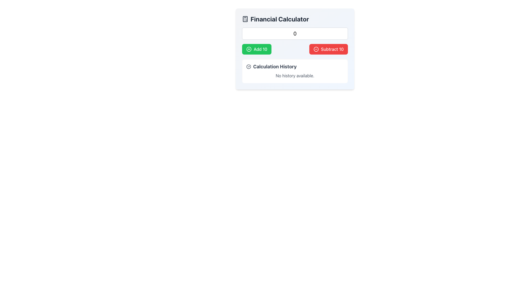 The height and width of the screenshot is (286, 508). Describe the element at coordinates (294, 34) in the screenshot. I see `the numeric input field` at that location.